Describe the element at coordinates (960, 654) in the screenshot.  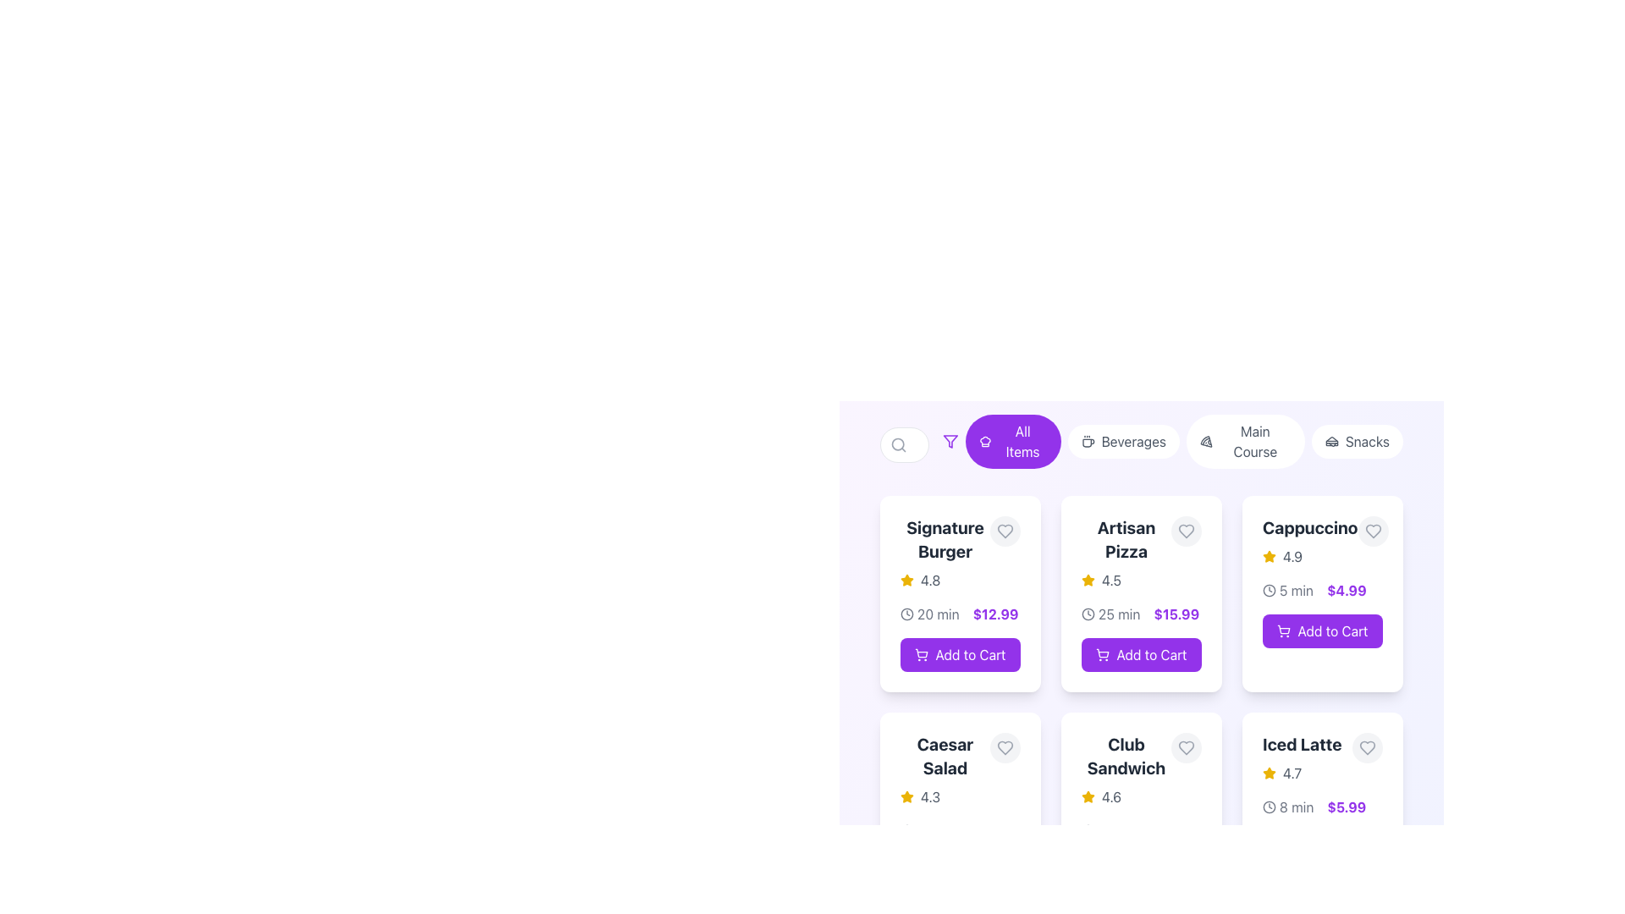
I see `the 'Add to Cart' button with a vibrant purple background and white text located in the bottom section of the 'Signature Burger' card` at that location.